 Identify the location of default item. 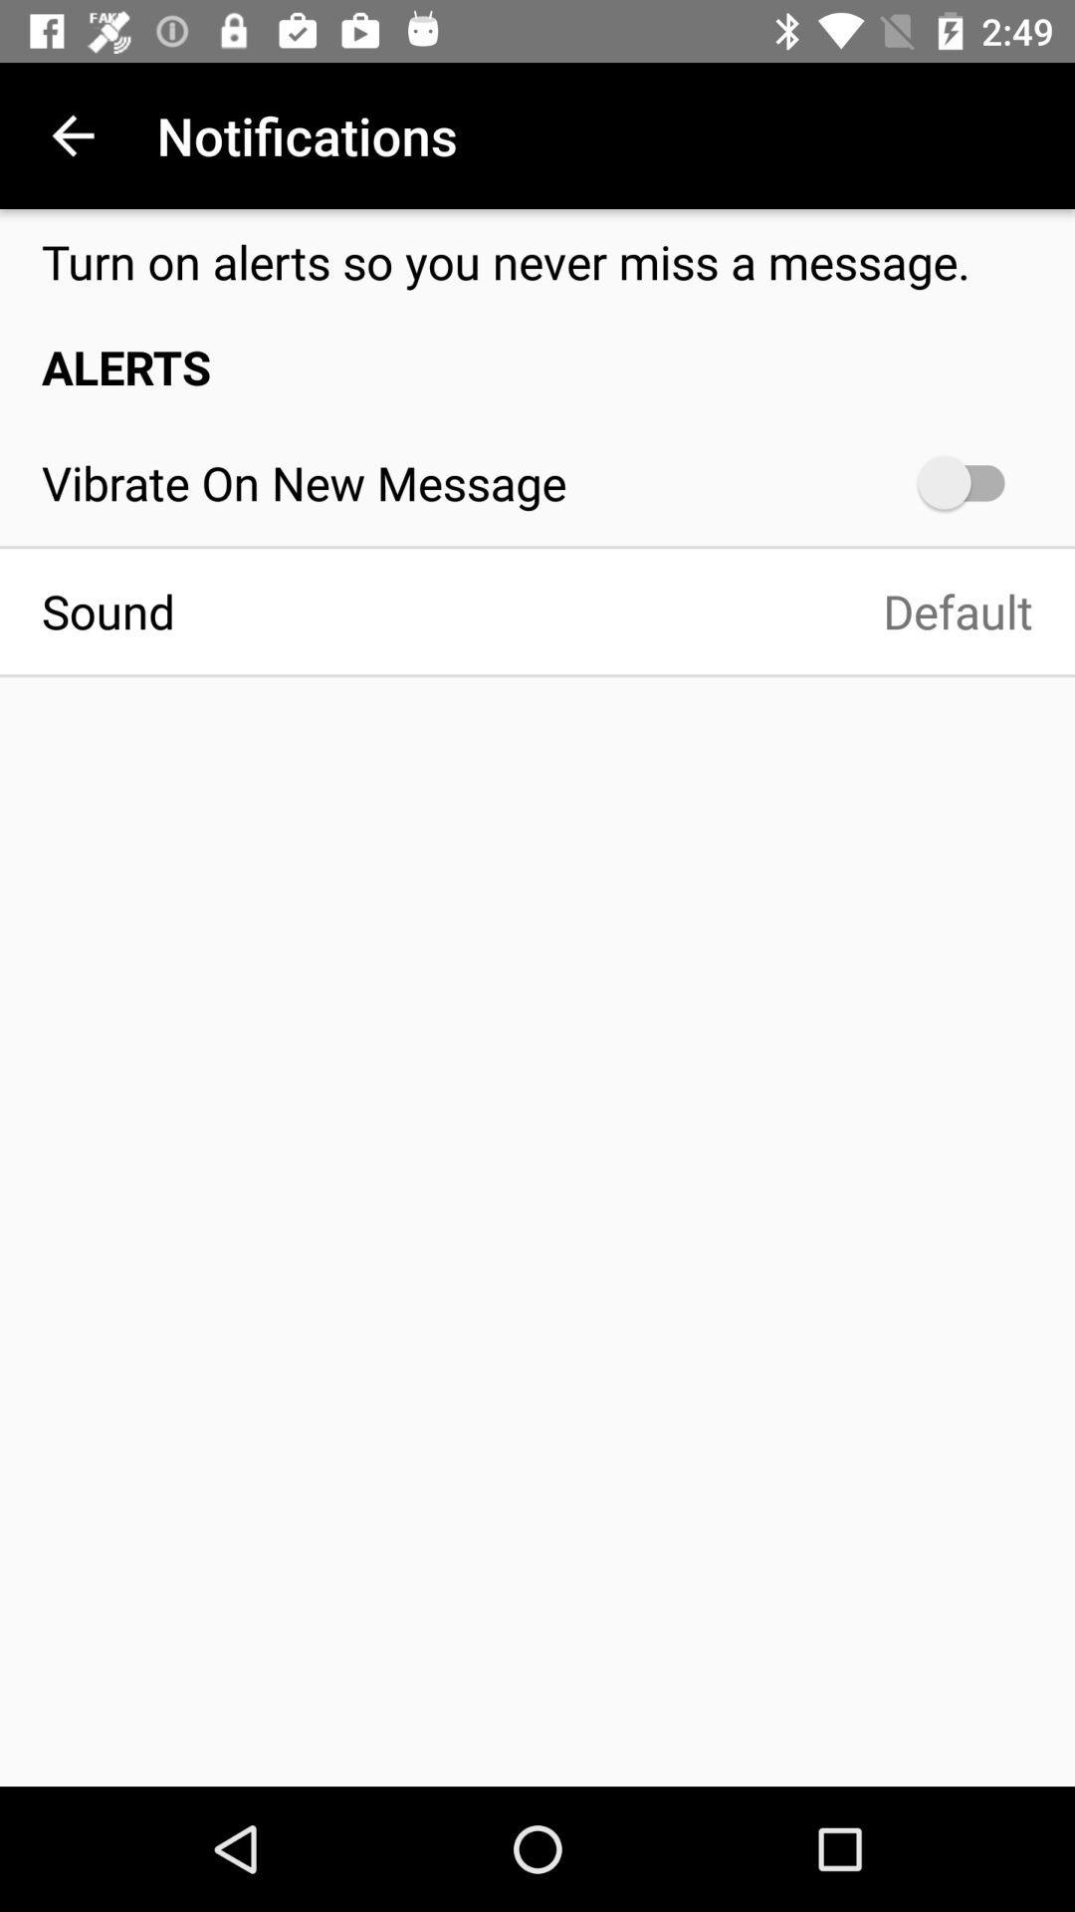
(624, 610).